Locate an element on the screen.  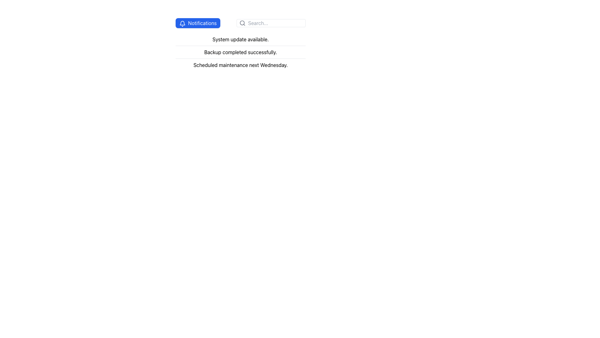
the second notification text label that informs the user about the successful completion of a backup operation, which is positioned between 'System update available.' and 'Scheduled maintenance next Wednesday.' is located at coordinates (240, 52).